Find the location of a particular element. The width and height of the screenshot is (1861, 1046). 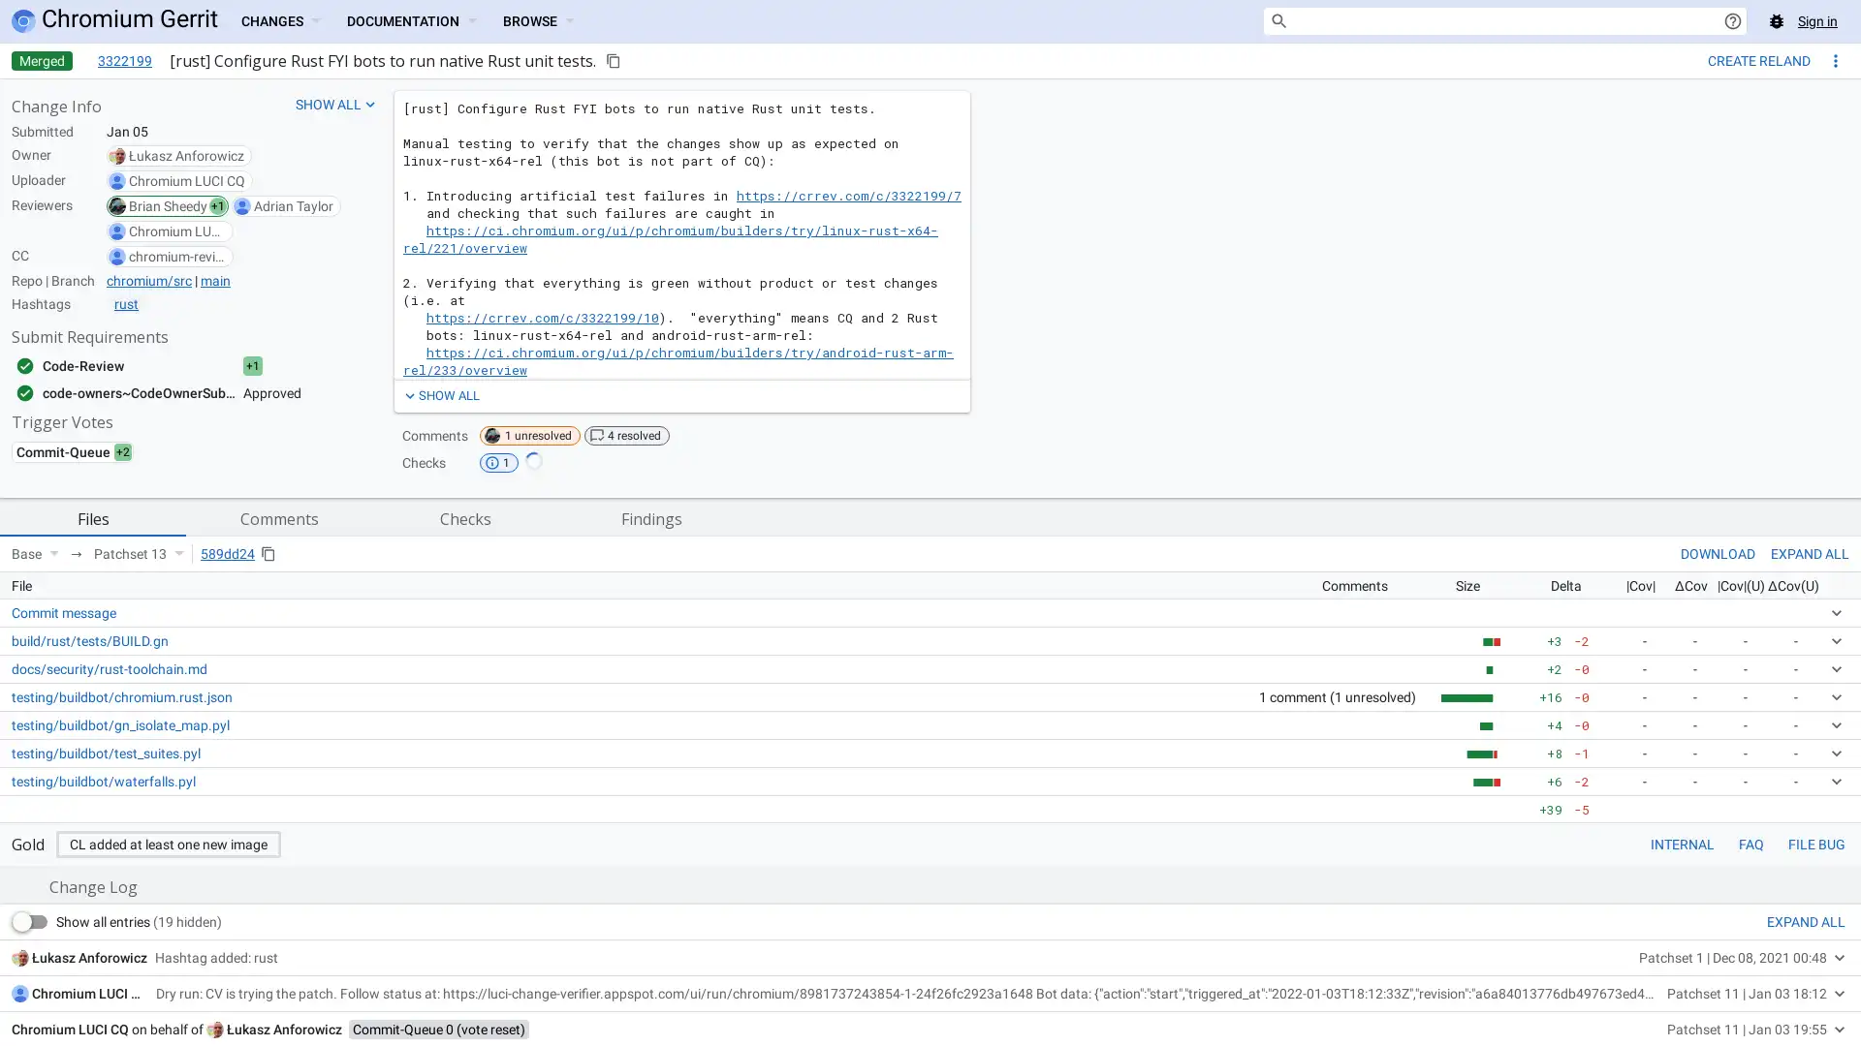

SHOW ALL is located at coordinates (439, 394).